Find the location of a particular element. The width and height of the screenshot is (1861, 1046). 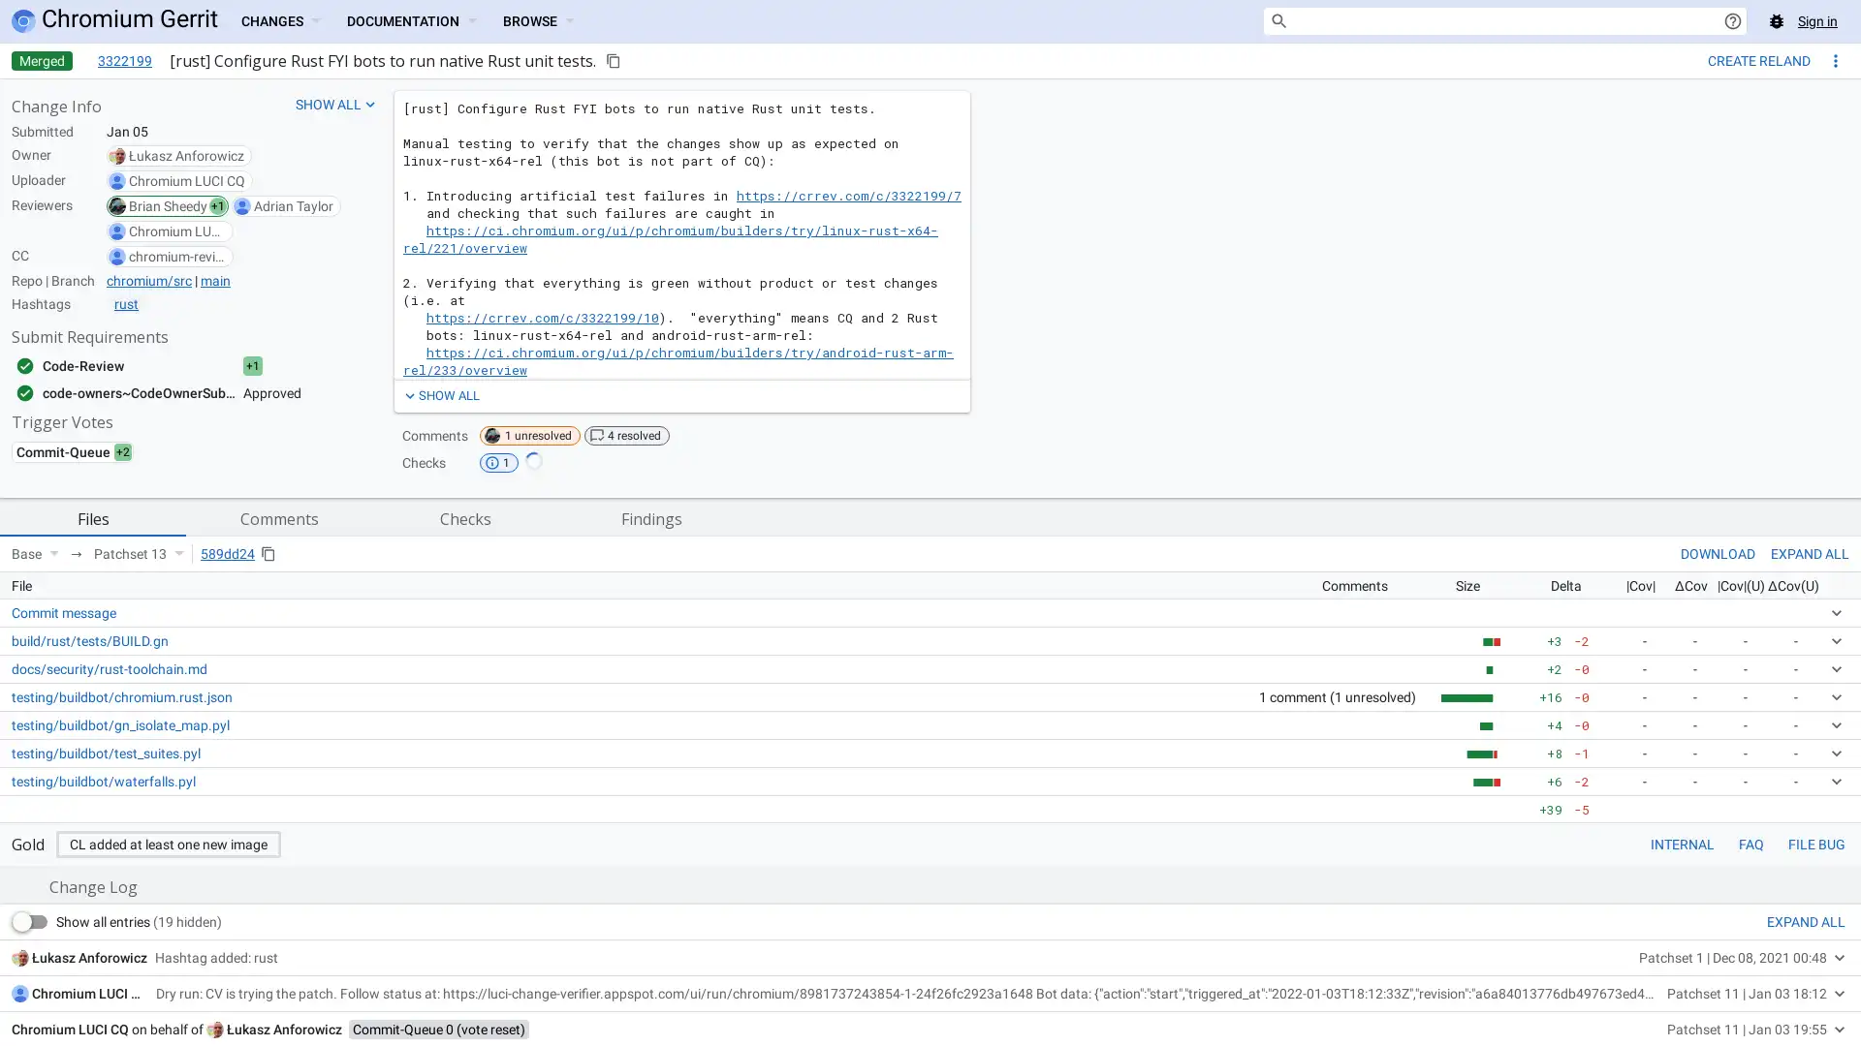

SHOW ALL is located at coordinates (439, 394).